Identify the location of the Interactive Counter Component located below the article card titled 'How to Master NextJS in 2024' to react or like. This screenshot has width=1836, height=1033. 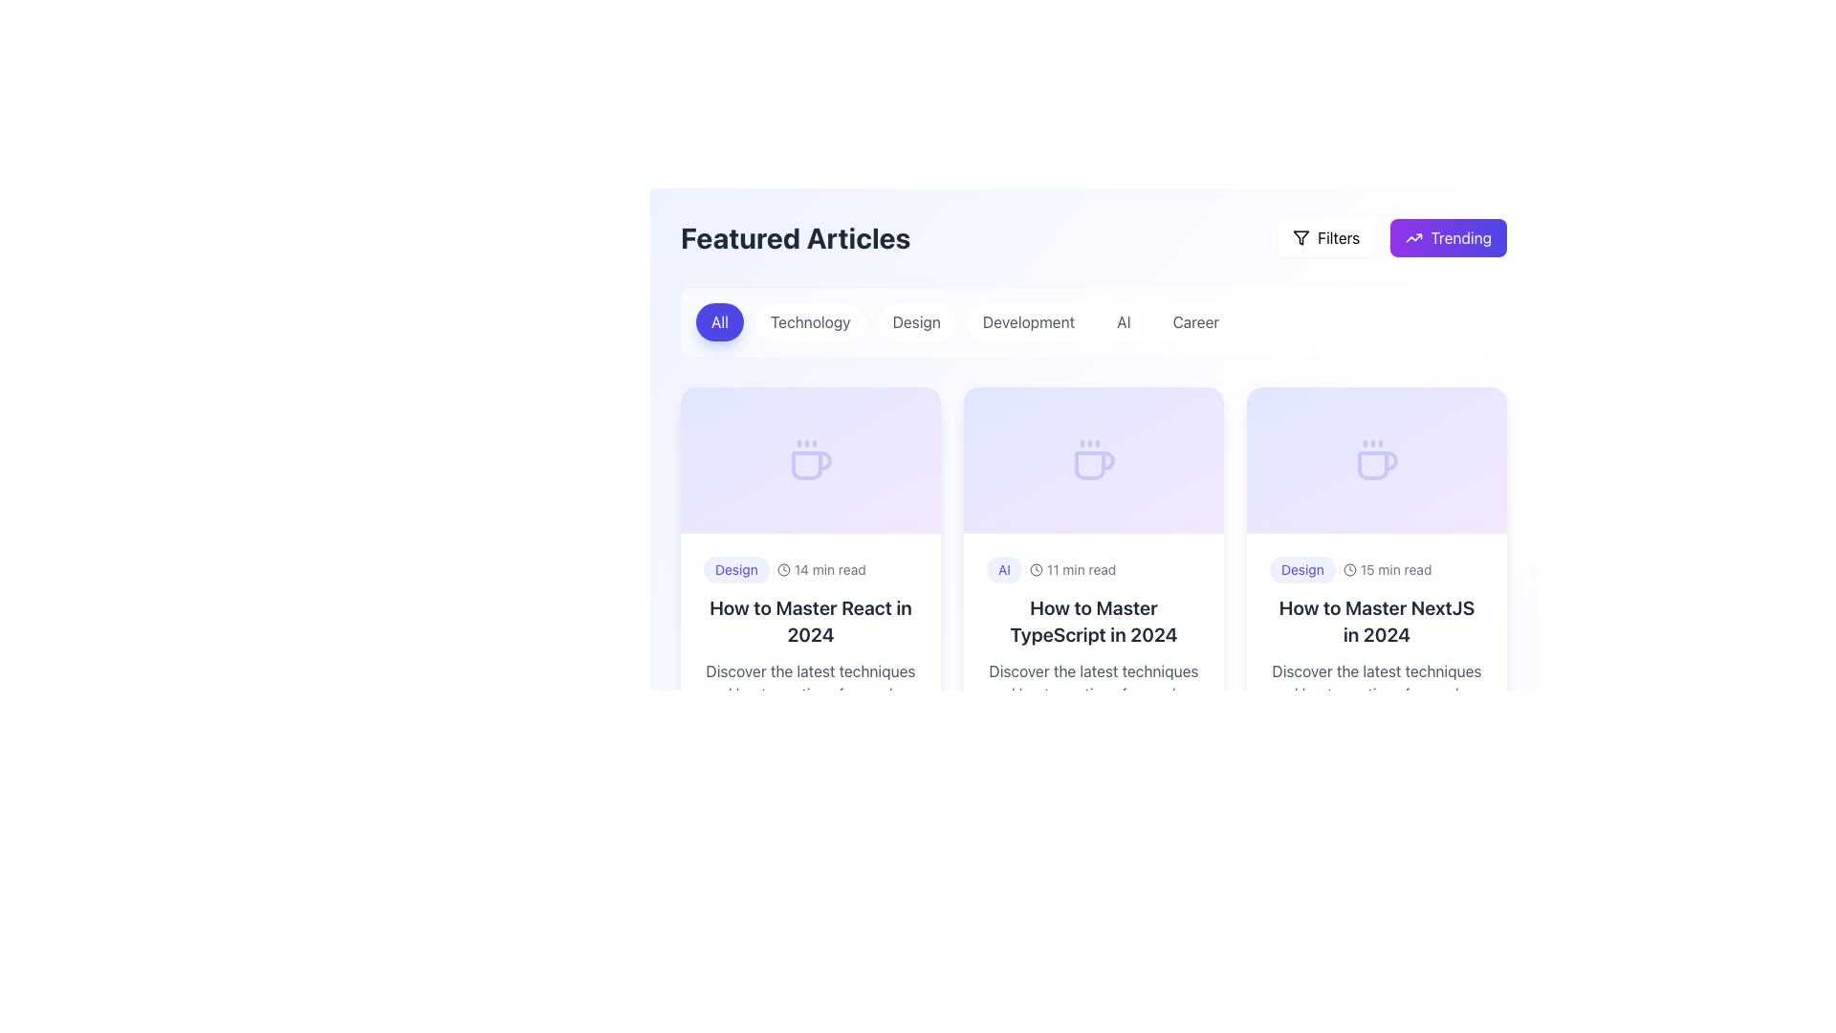
(1309, 736).